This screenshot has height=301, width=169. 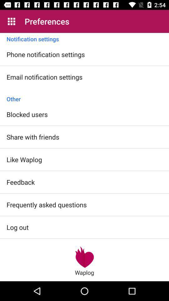 What do you see at coordinates (27, 114) in the screenshot?
I see `the icon above share with friends item` at bounding box center [27, 114].